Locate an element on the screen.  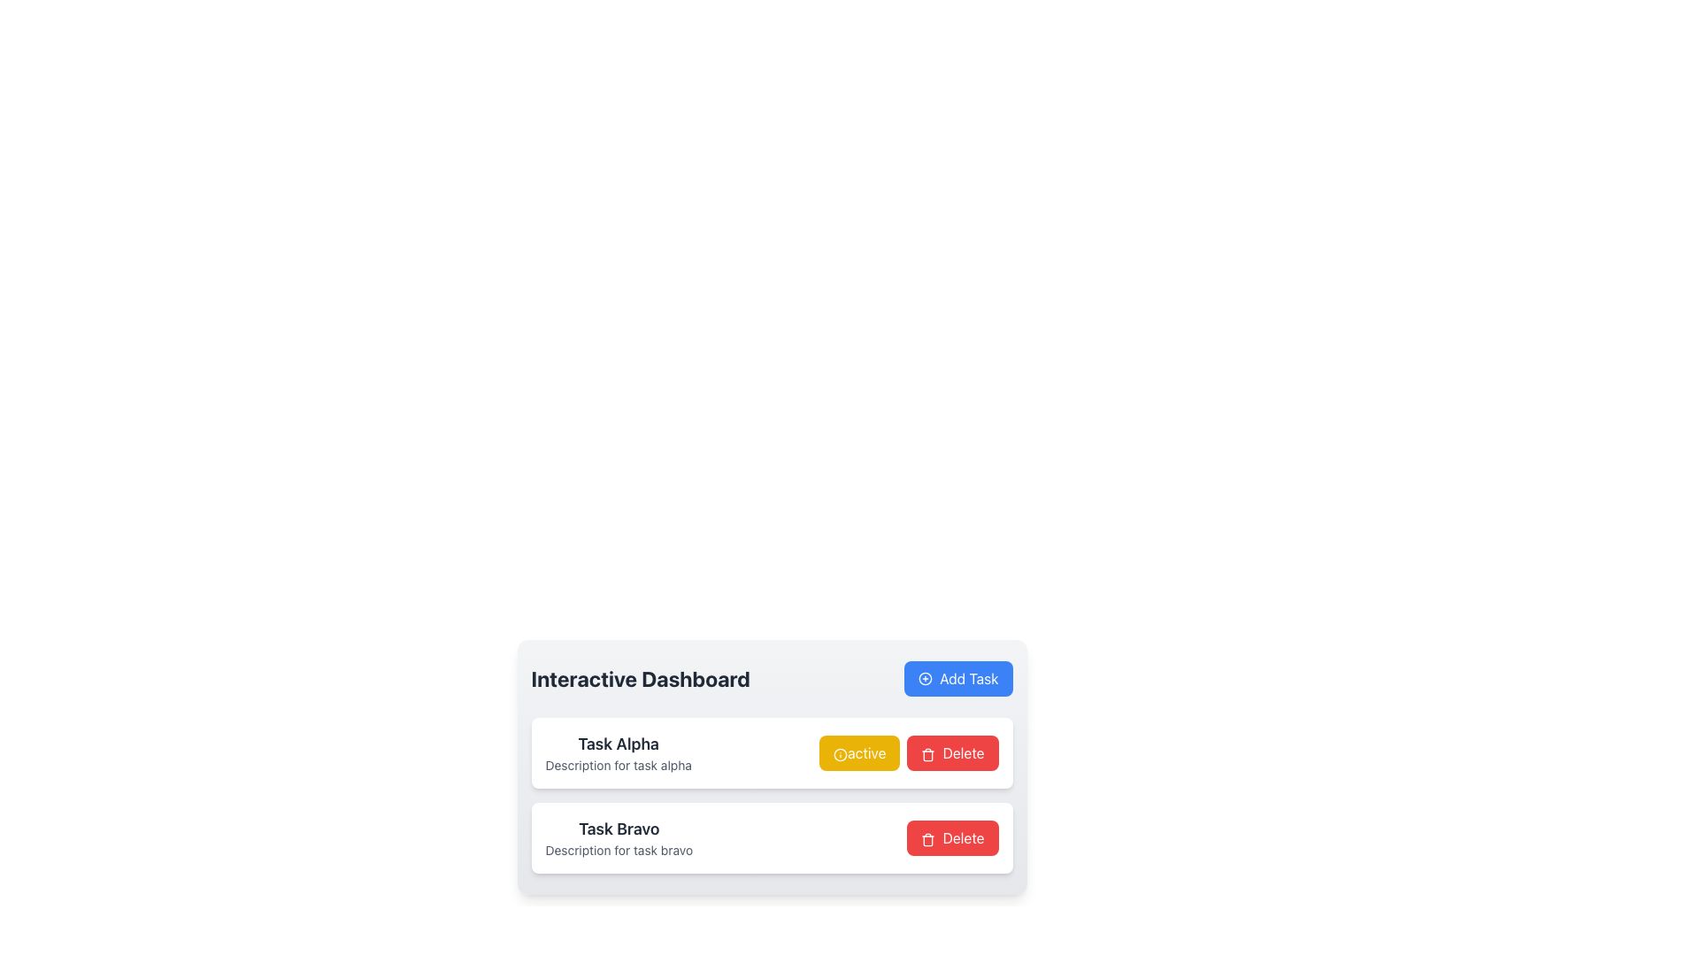
the SVG Circle with a yellow outline located within the information icon represented by the class 'lucide lucide-info inline-block' is located at coordinates (840, 754).